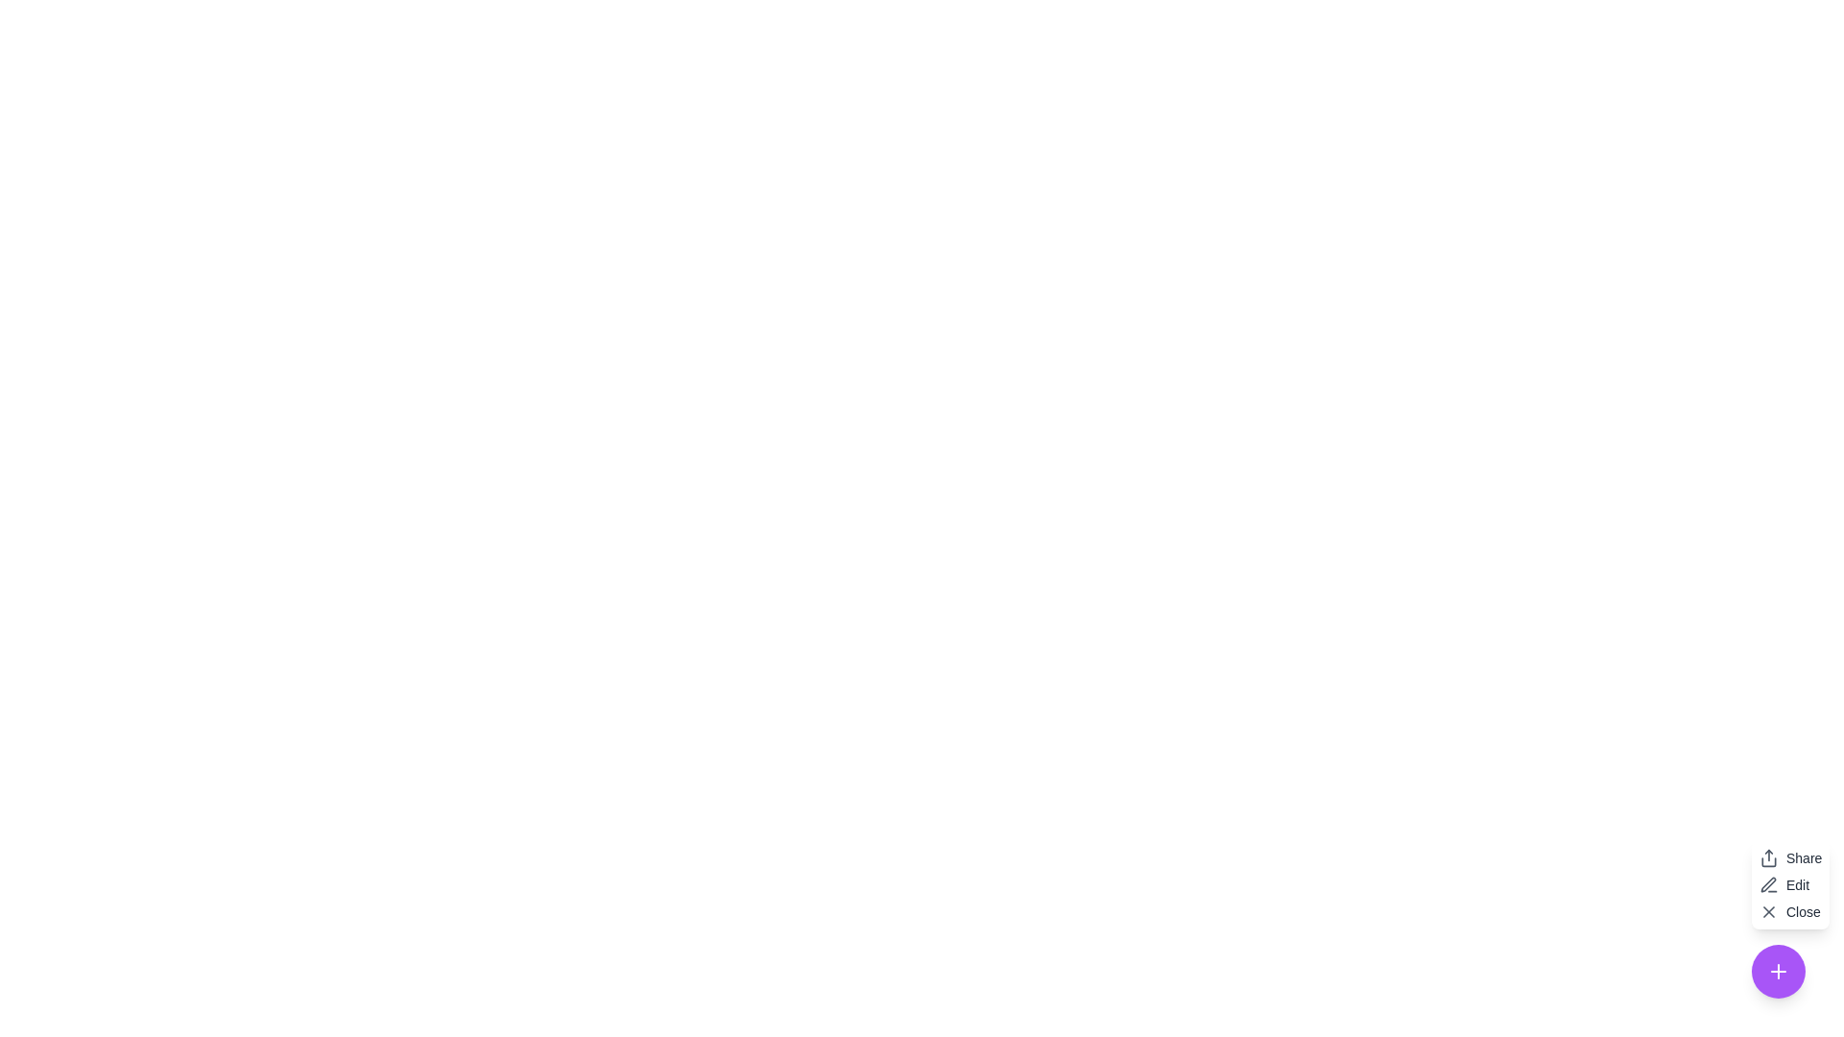 Image resolution: width=1844 pixels, height=1037 pixels. I want to click on the 'Share' text label styled with 'text-sm text-gray-800' located in the bottom-right corner of the contextual menu, so click(1803, 857).